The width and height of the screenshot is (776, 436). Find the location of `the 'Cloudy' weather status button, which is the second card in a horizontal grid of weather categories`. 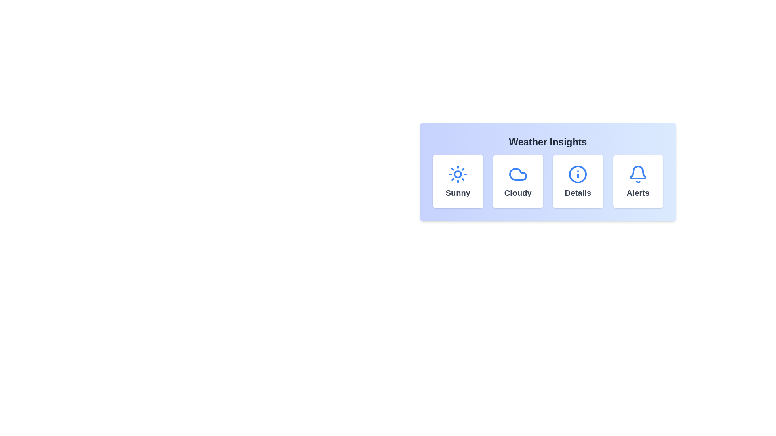

the 'Cloudy' weather status button, which is the second card in a horizontal grid of weather categories is located at coordinates (518, 182).